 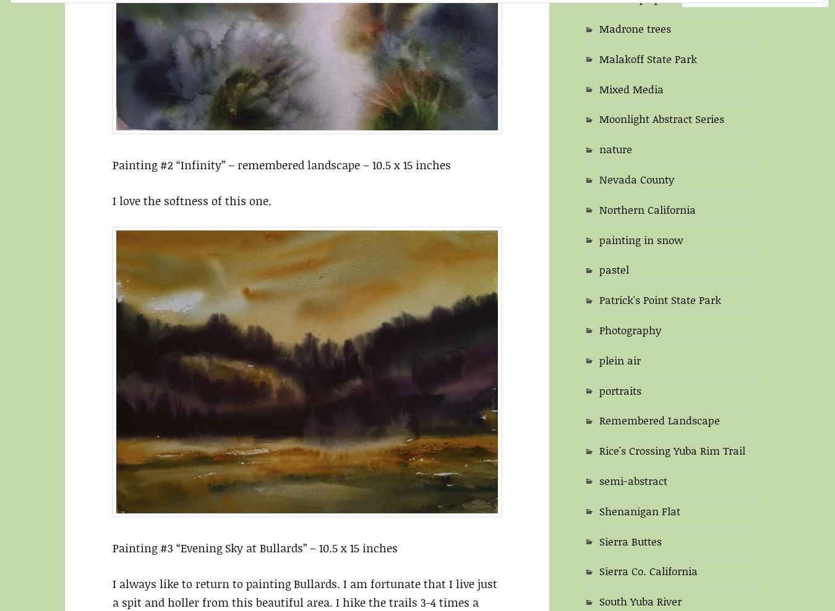 I want to click on 'Moonlight Abstract Series', so click(x=662, y=118).